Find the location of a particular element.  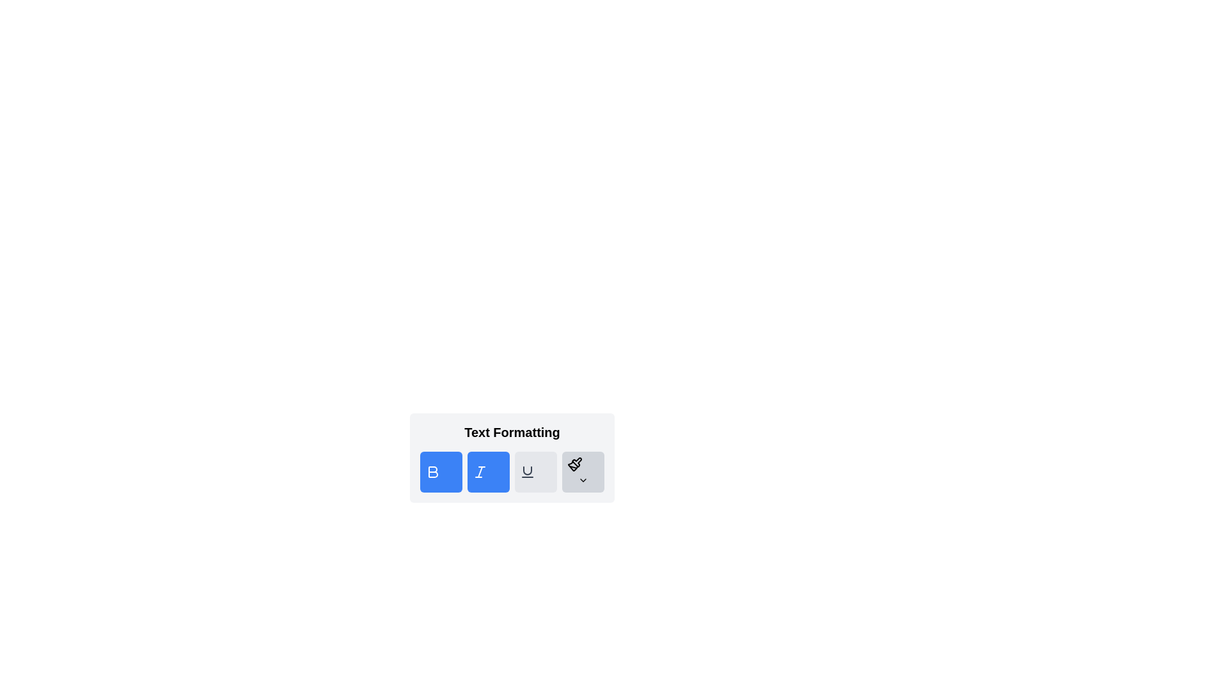

the 'Underline' icon in the text formatting toolbar, which is the third button from the left under the 'Text Formatting' label is located at coordinates (528, 470).